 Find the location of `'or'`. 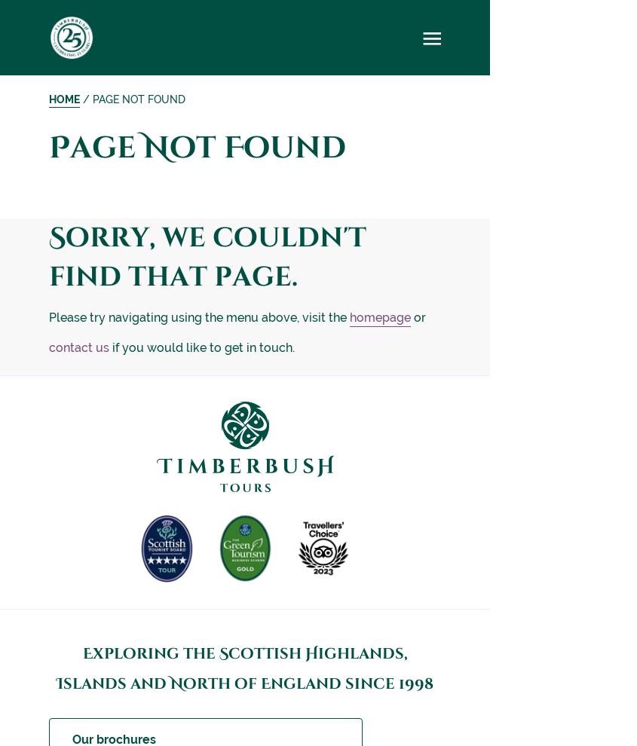

'or' is located at coordinates (419, 316).